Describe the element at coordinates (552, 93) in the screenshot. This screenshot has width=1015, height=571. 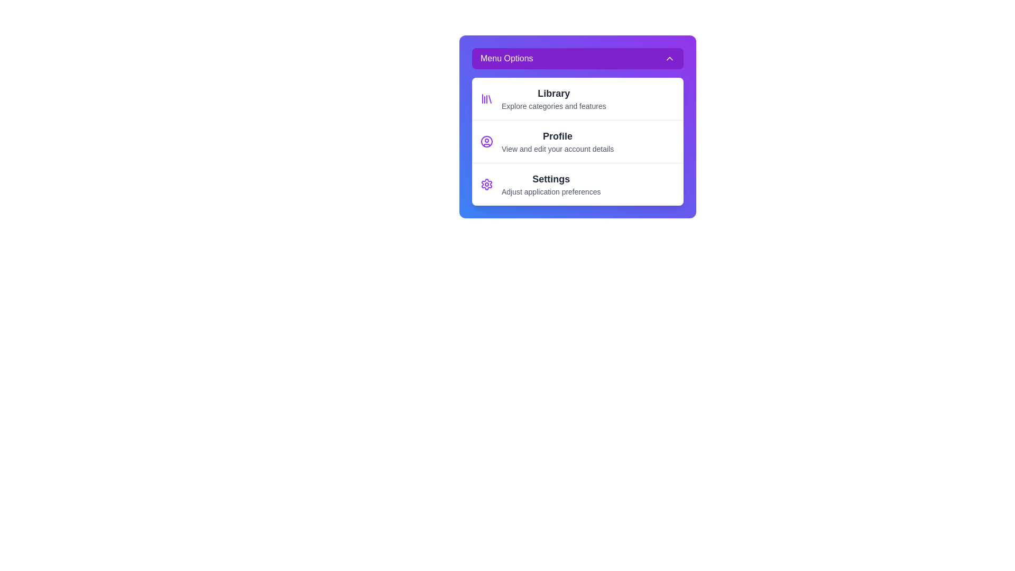
I see `the 'Library' text label at the top of the menu options to interact with surrounding elements that provide functionality related to this label` at that location.